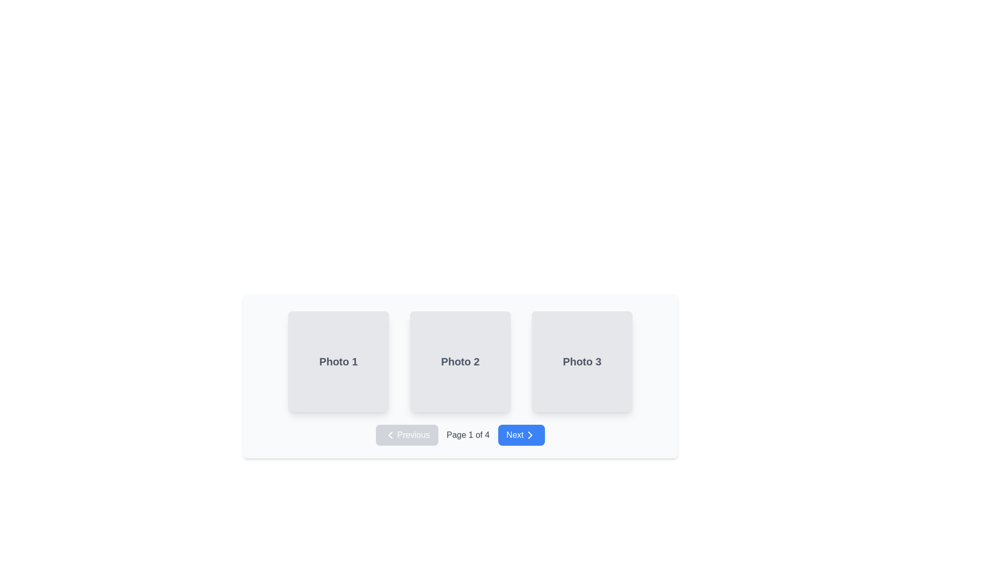 This screenshot has height=567, width=1008. I want to click on the 'Previous' button, which is a rectangular button with white text on a blue background and includes a leftward arrow icon, so click(406, 435).